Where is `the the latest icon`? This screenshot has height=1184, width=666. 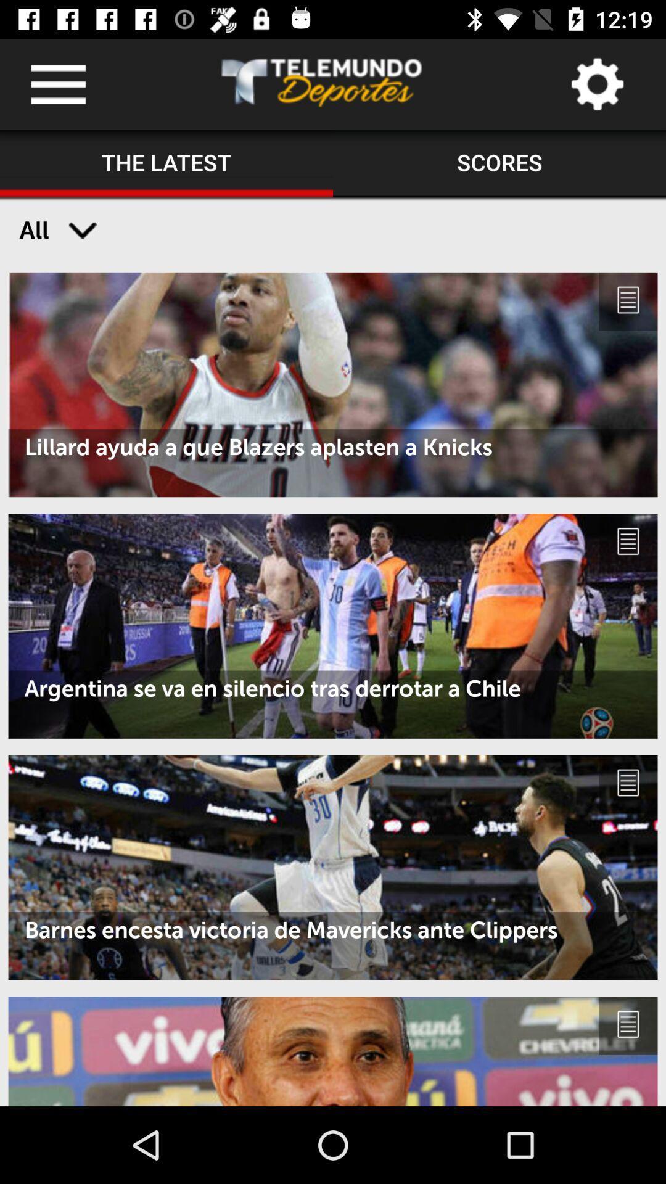 the the latest icon is located at coordinates (166, 163).